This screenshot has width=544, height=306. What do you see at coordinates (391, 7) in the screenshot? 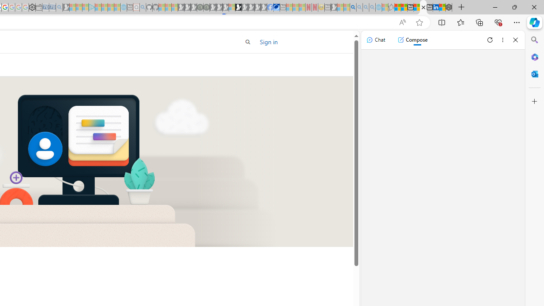
I see `'Favorites - Sleeping'` at bounding box center [391, 7].